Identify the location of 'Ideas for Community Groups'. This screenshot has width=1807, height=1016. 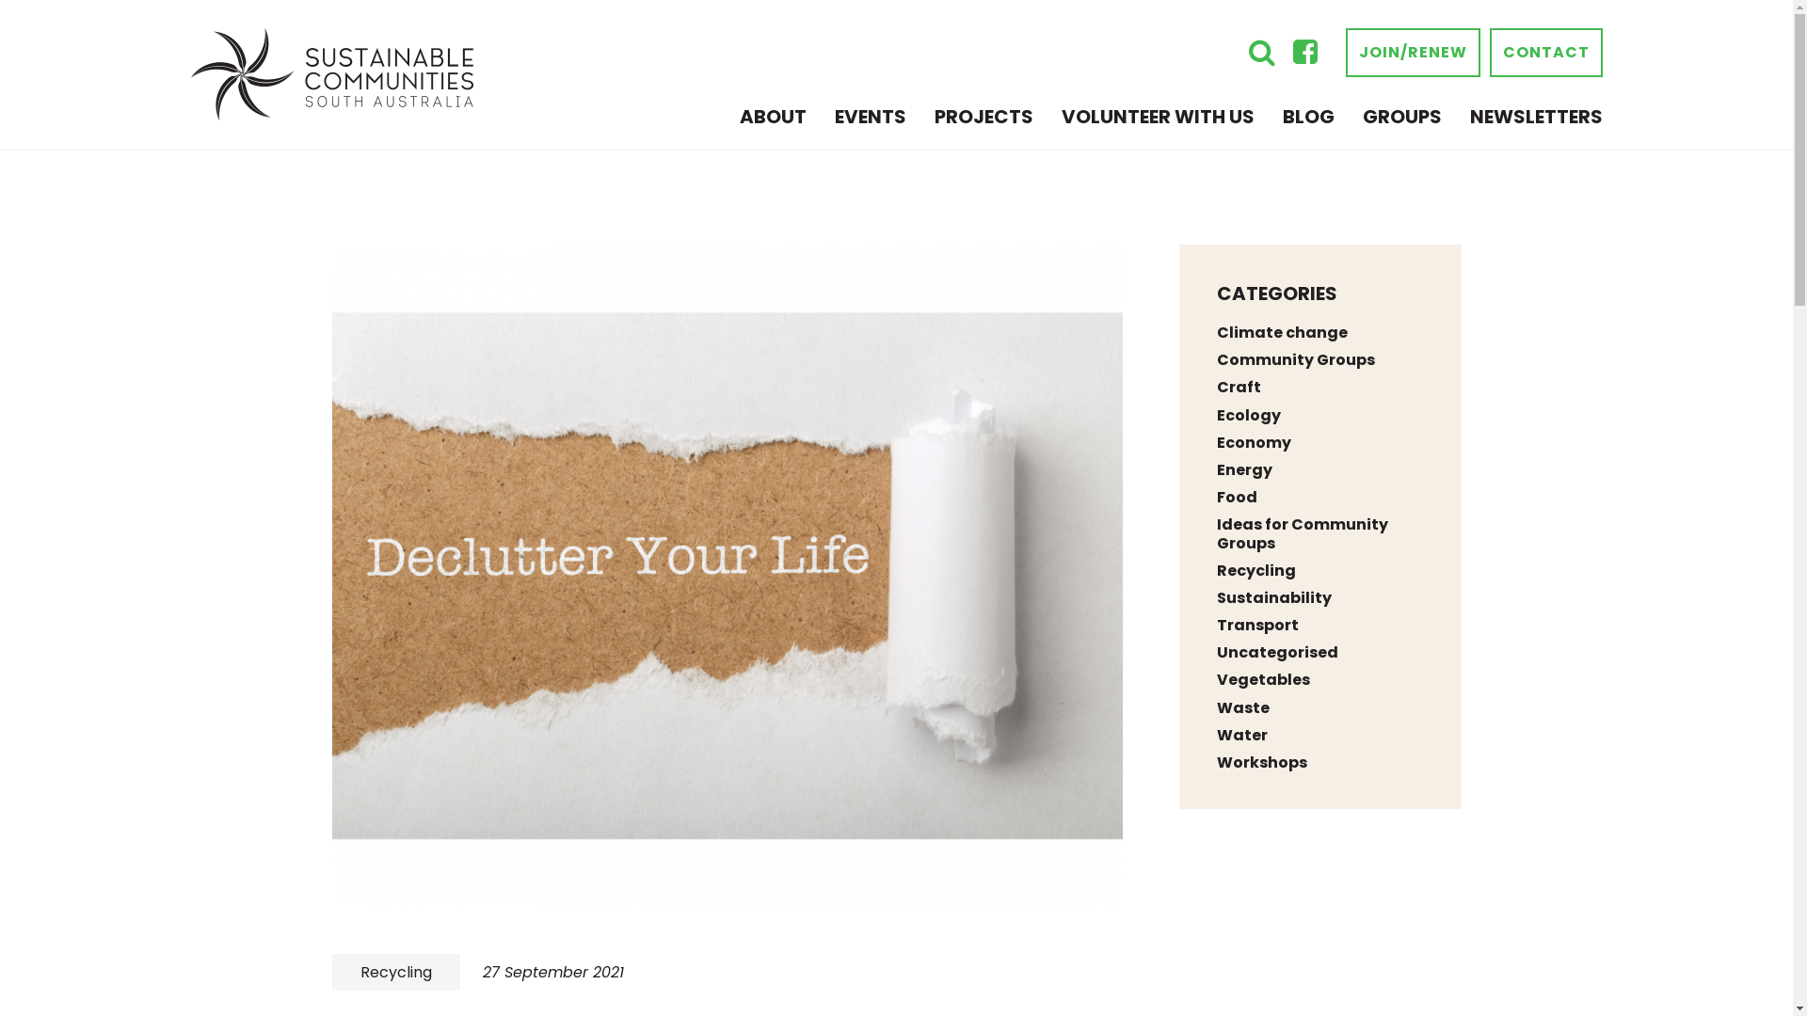
(1215, 533).